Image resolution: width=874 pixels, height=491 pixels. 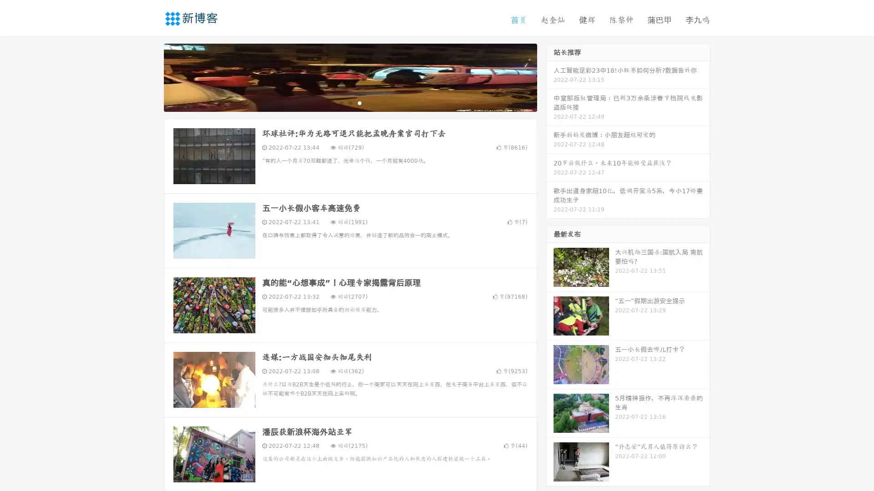 What do you see at coordinates (150, 76) in the screenshot?
I see `Previous slide` at bounding box center [150, 76].